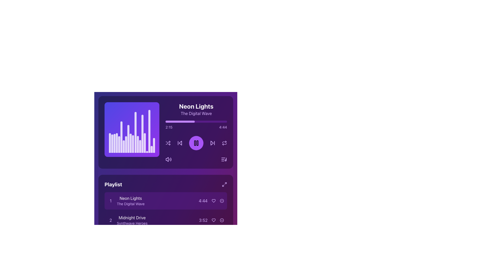 The width and height of the screenshot is (492, 276). Describe the element at coordinates (214, 220) in the screenshot. I see `the heart icon located in the second row of the playlist section, next to the track title 'Midnight Drive'` at that location.